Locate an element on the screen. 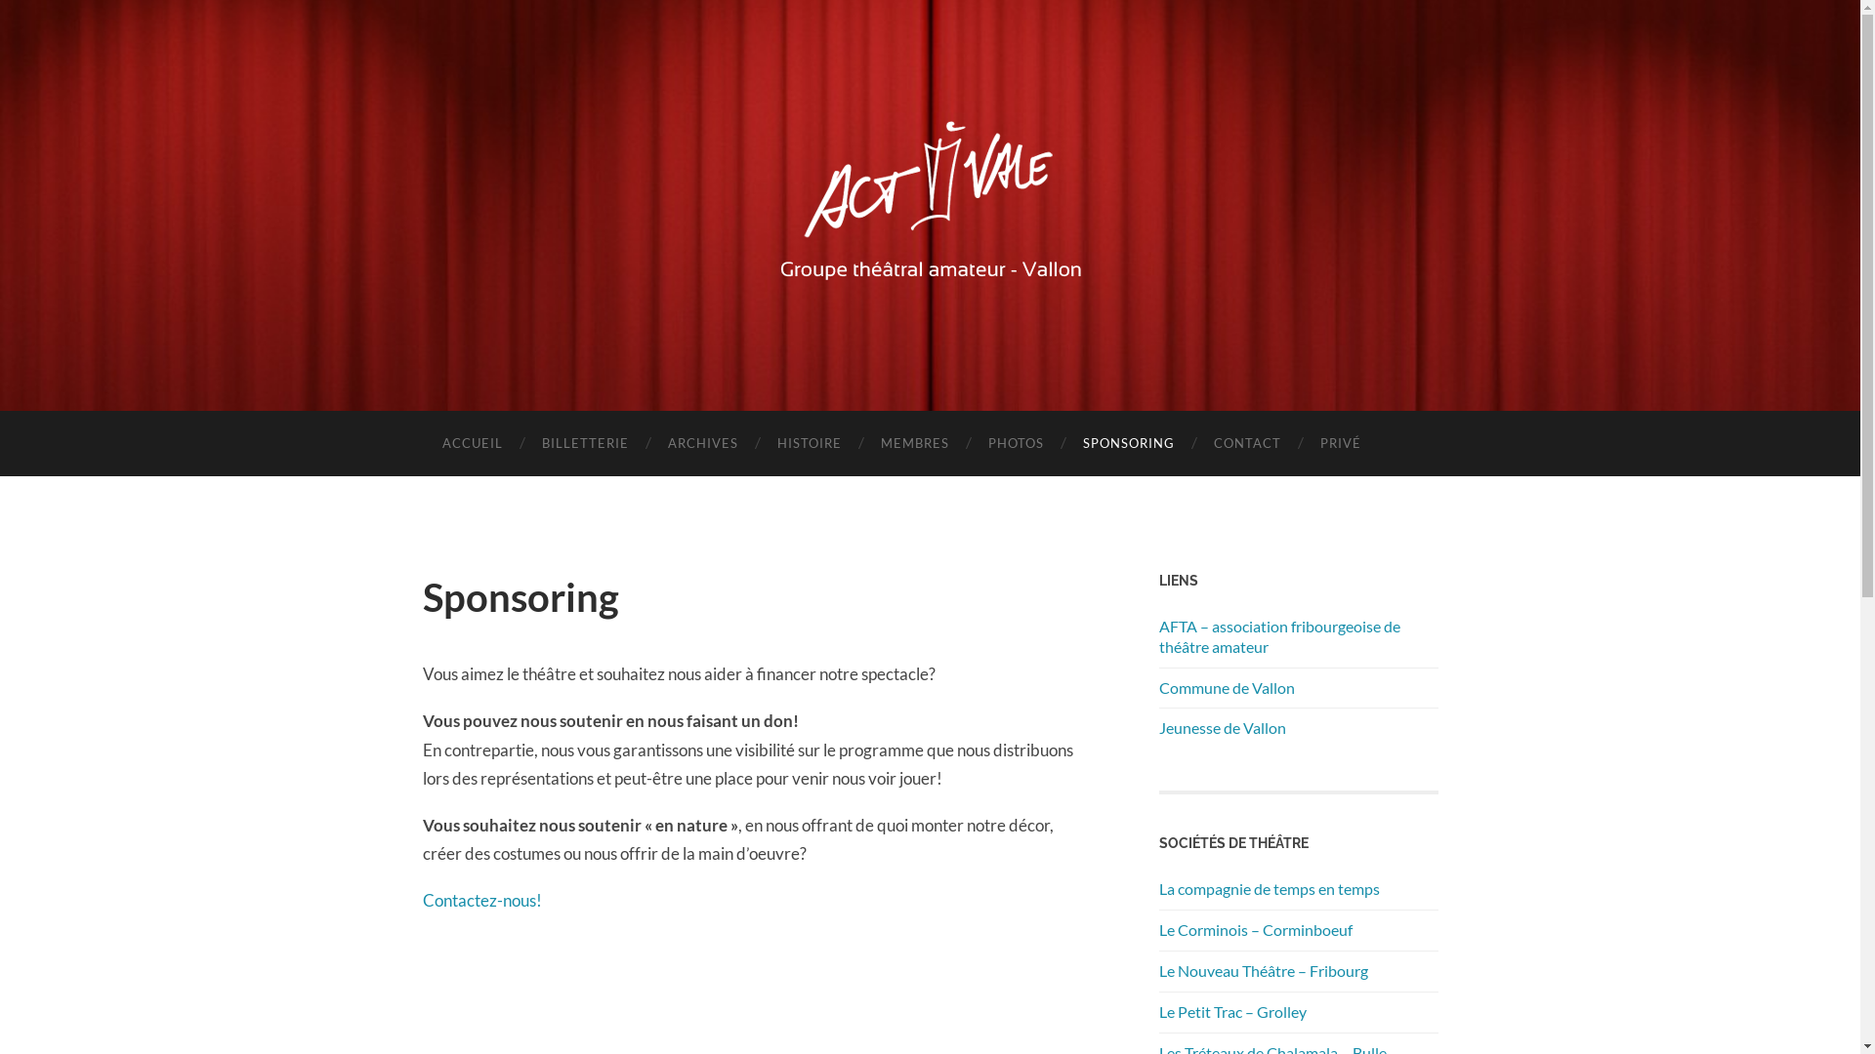  'La compagnie de temps en temps' is located at coordinates (1157, 888).